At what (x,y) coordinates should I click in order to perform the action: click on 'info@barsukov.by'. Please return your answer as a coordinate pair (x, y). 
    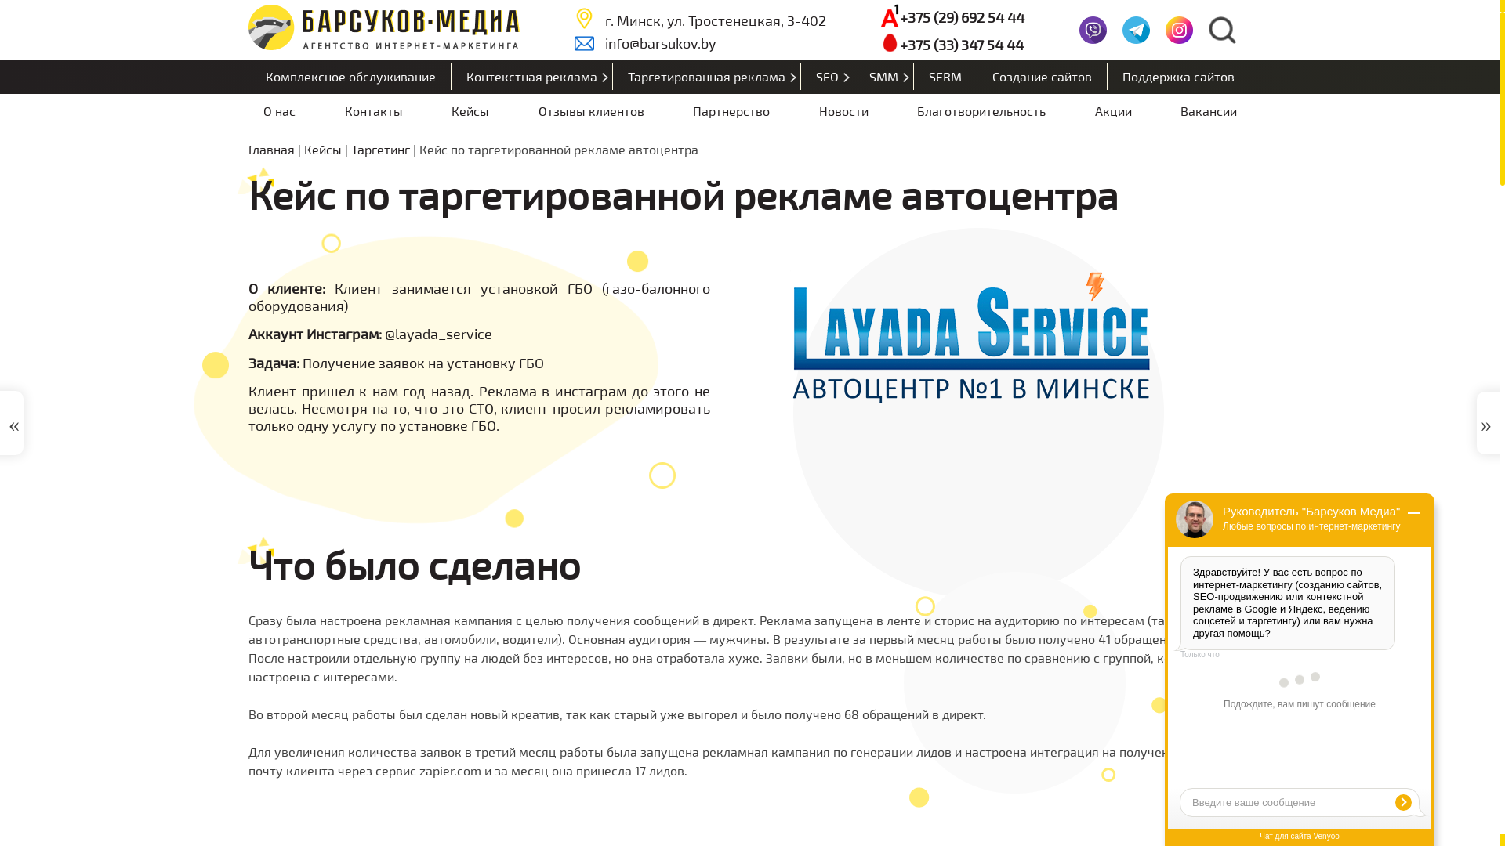
    Looking at the image, I should click on (699, 42).